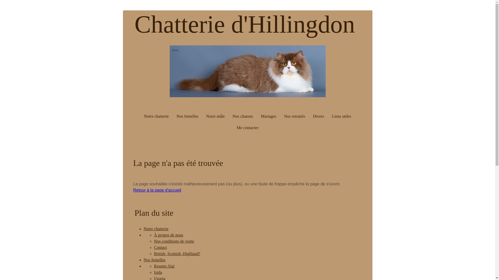  Describe the element at coordinates (318, 116) in the screenshot. I see `'Divers'` at that location.